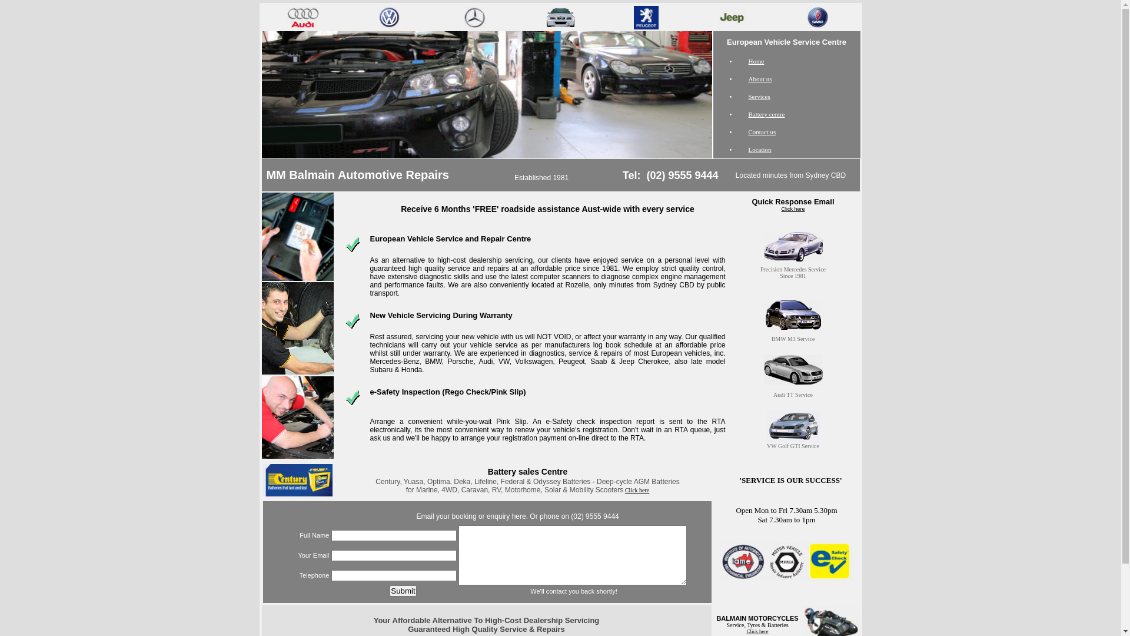 This screenshot has width=1130, height=636. I want to click on 'Battery centre', so click(748, 114).